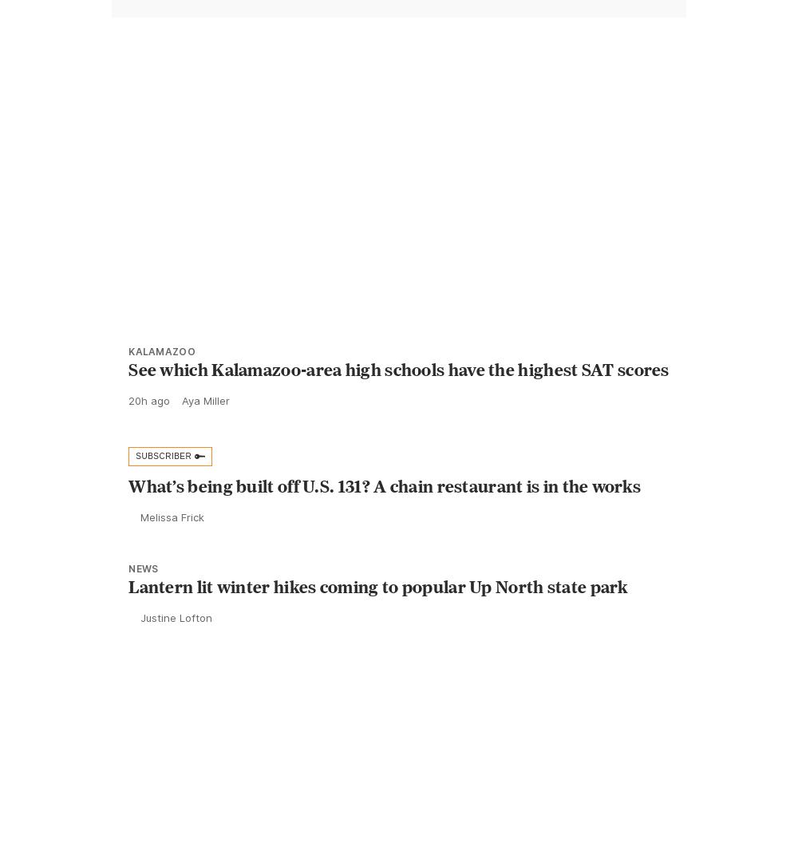 The height and width of the screenshot is (851, 798). Describe the element at coordinates (206, 435) in the screenshot. I see `'Aya Miller'` at that location.